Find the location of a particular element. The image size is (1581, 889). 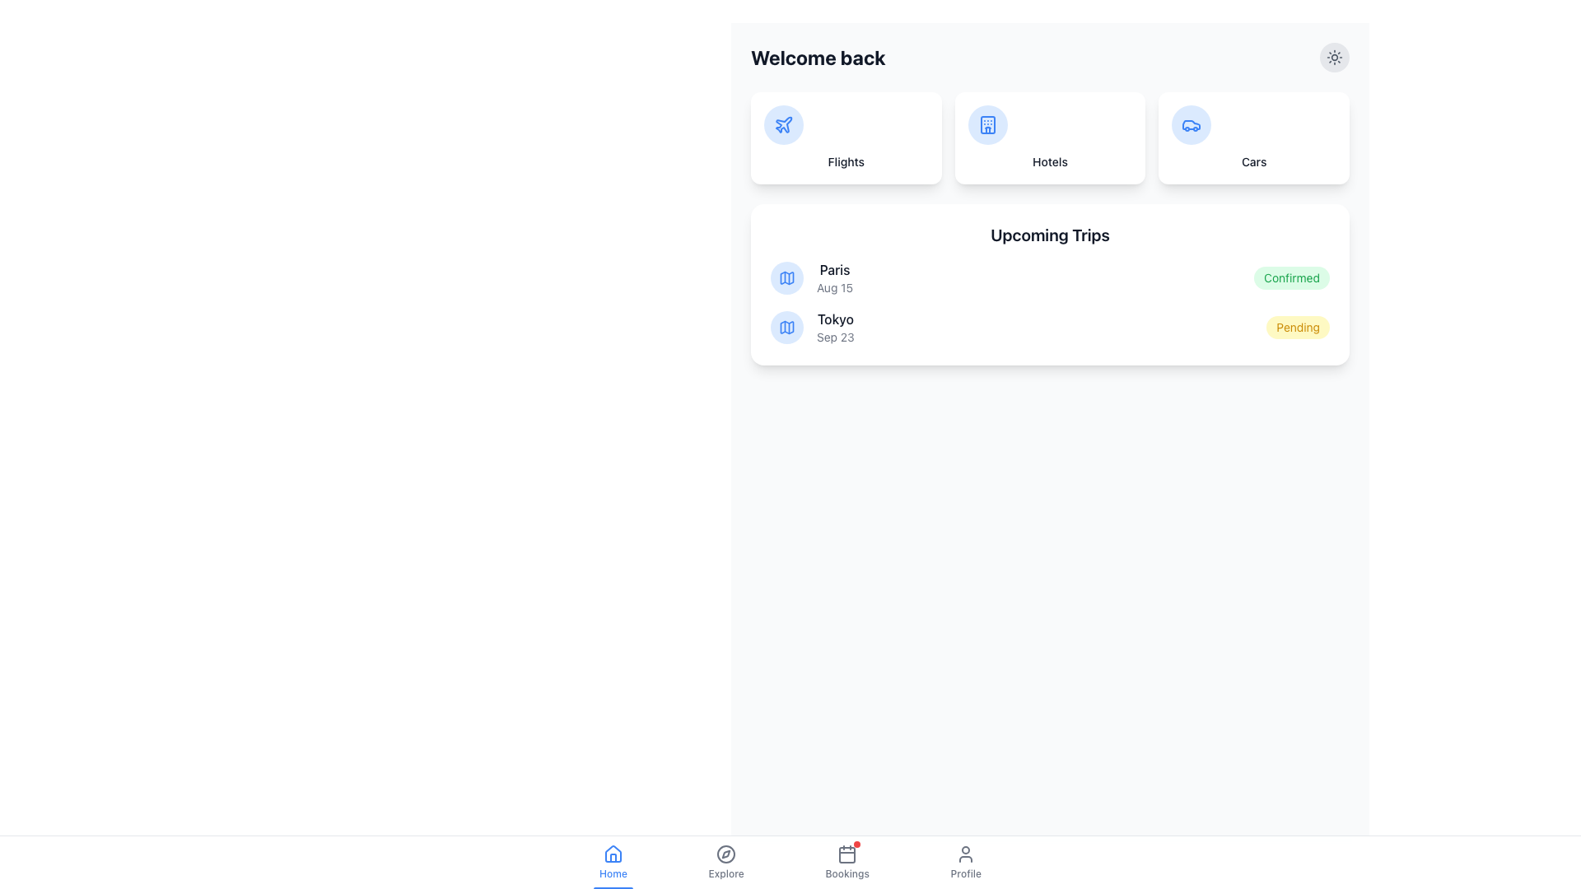

the text label element displaying 'Tokyo' in bold, dark gray color, which is positioned under the 'Upcoming Trips' section is located at coordinates (835, 319).